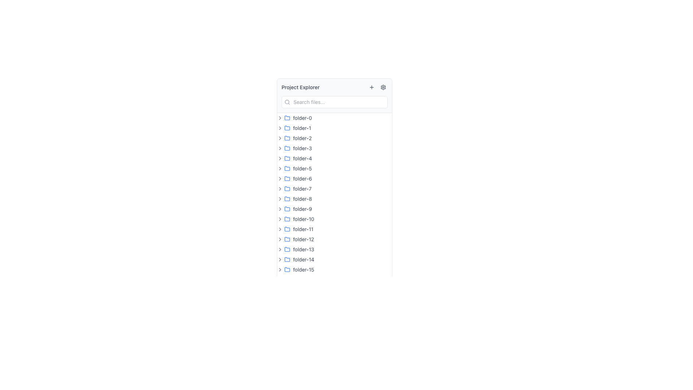  Describe the element at coordinates (280, 178) in the screenshot. I see `the chevron icon` at that location.